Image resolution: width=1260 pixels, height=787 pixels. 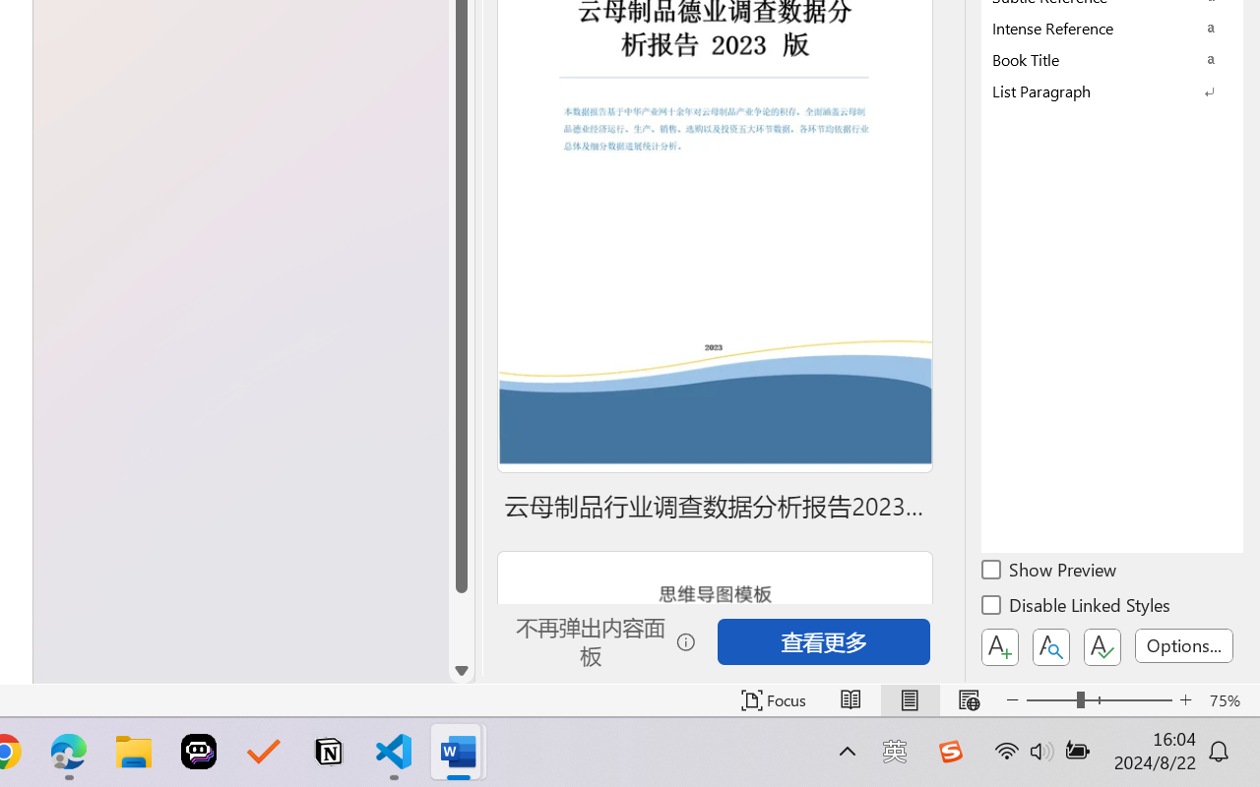 I want to click on 'Book Title', so click(x=1112, y=58).